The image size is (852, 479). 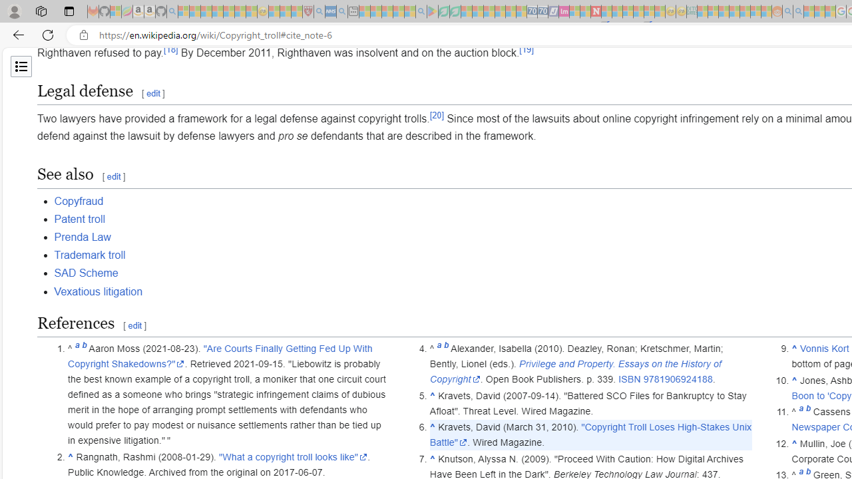 What do you see at coordinates (97, 291) in the screenshot?
I see `'Vexatious litigation'` at bounding box center [97, 291].